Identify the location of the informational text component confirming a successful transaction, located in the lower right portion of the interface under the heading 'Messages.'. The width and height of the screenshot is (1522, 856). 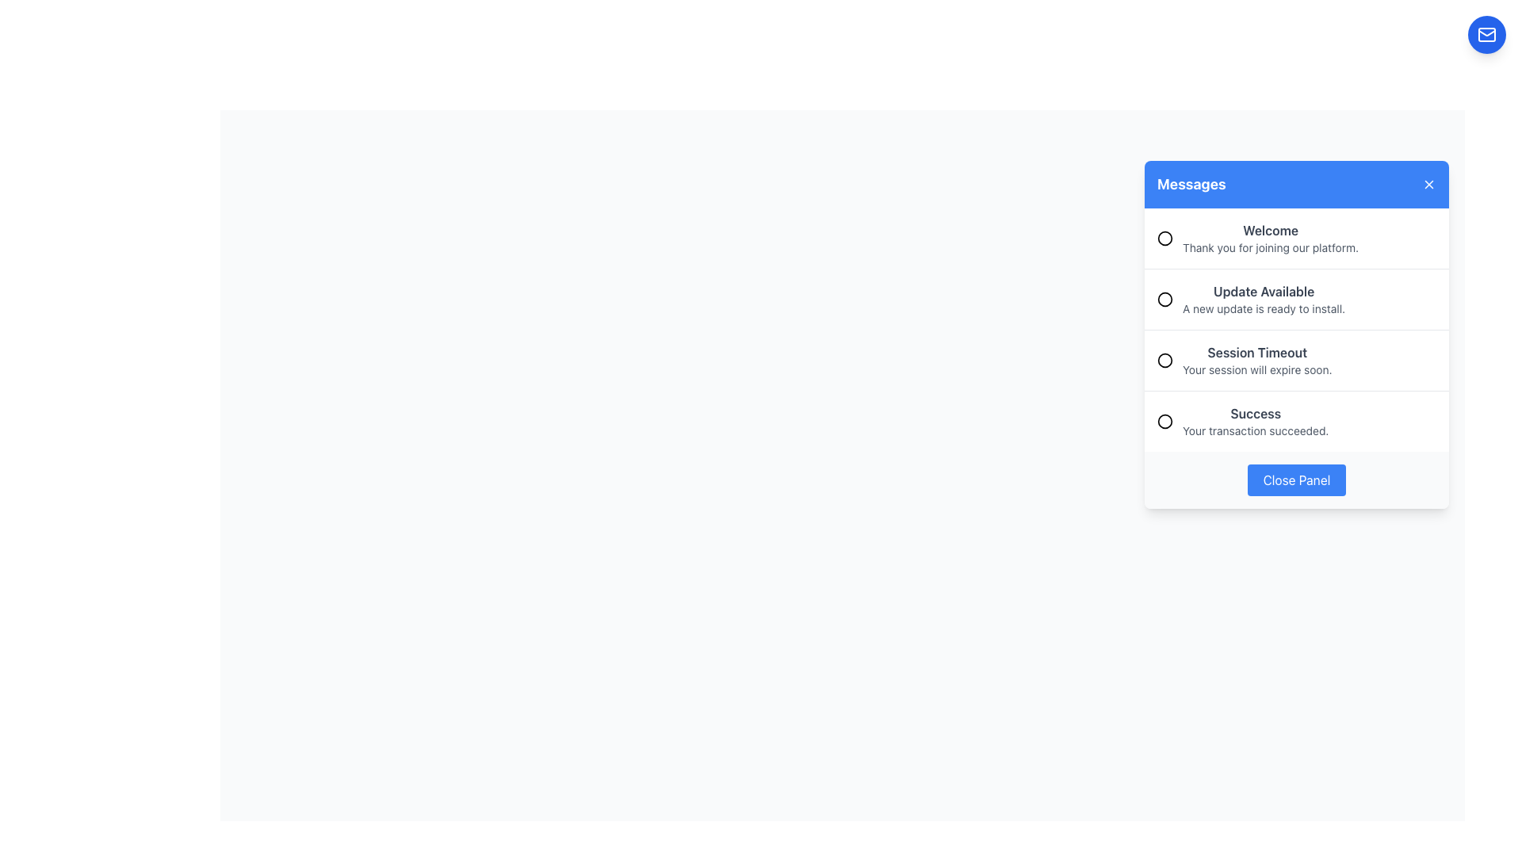
(1255, 421).